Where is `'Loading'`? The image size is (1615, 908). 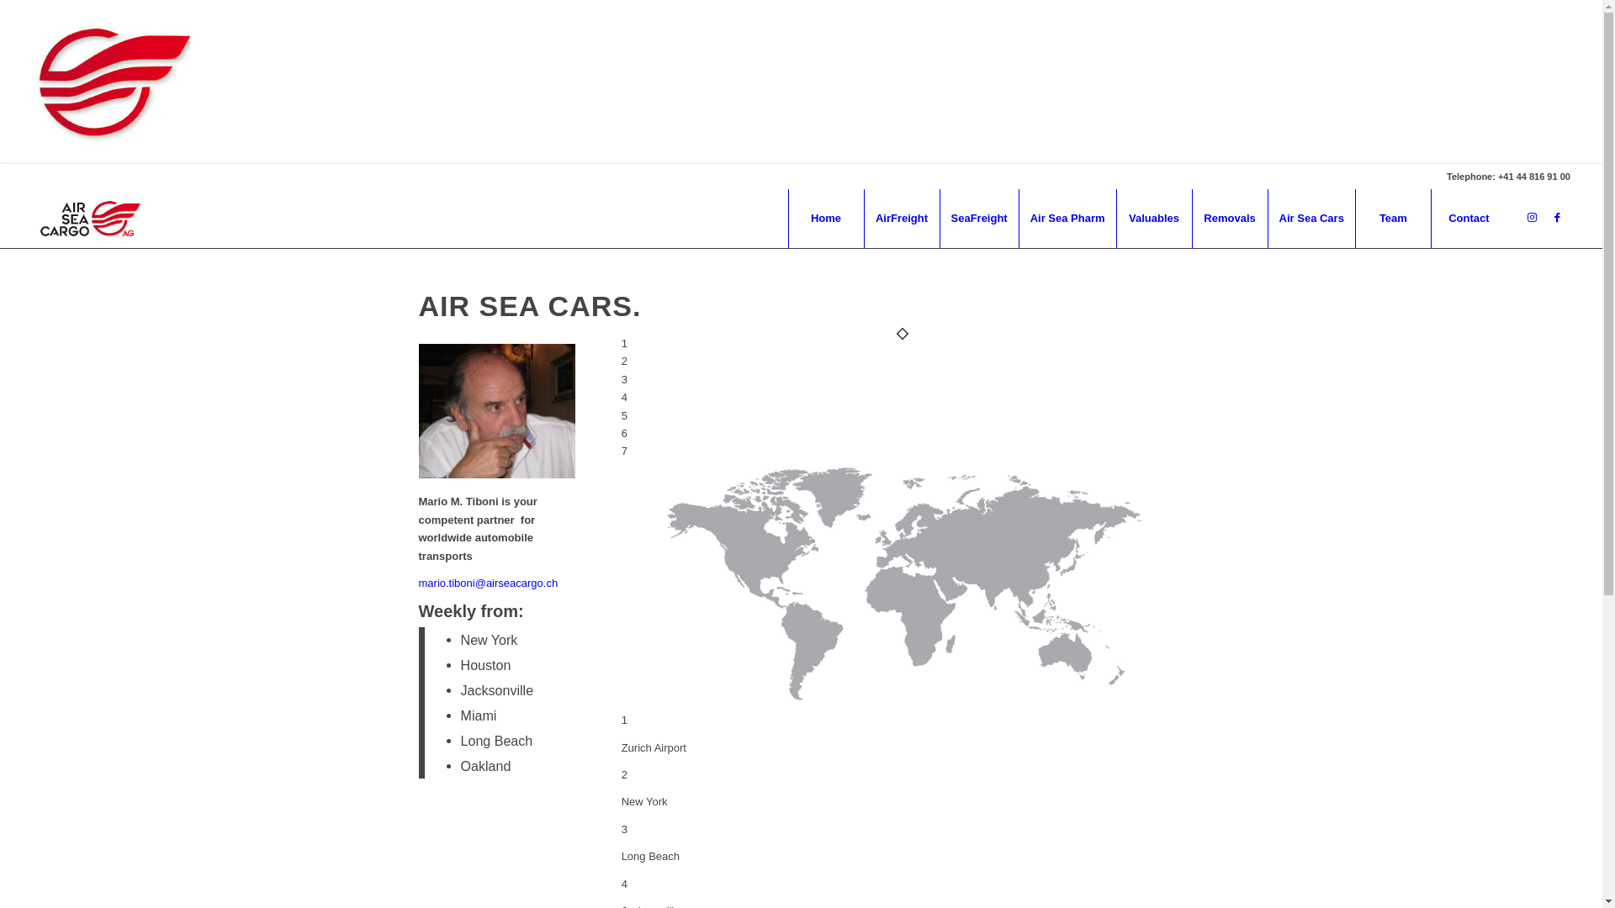
'Loading' is located at coordinates (94, 79).